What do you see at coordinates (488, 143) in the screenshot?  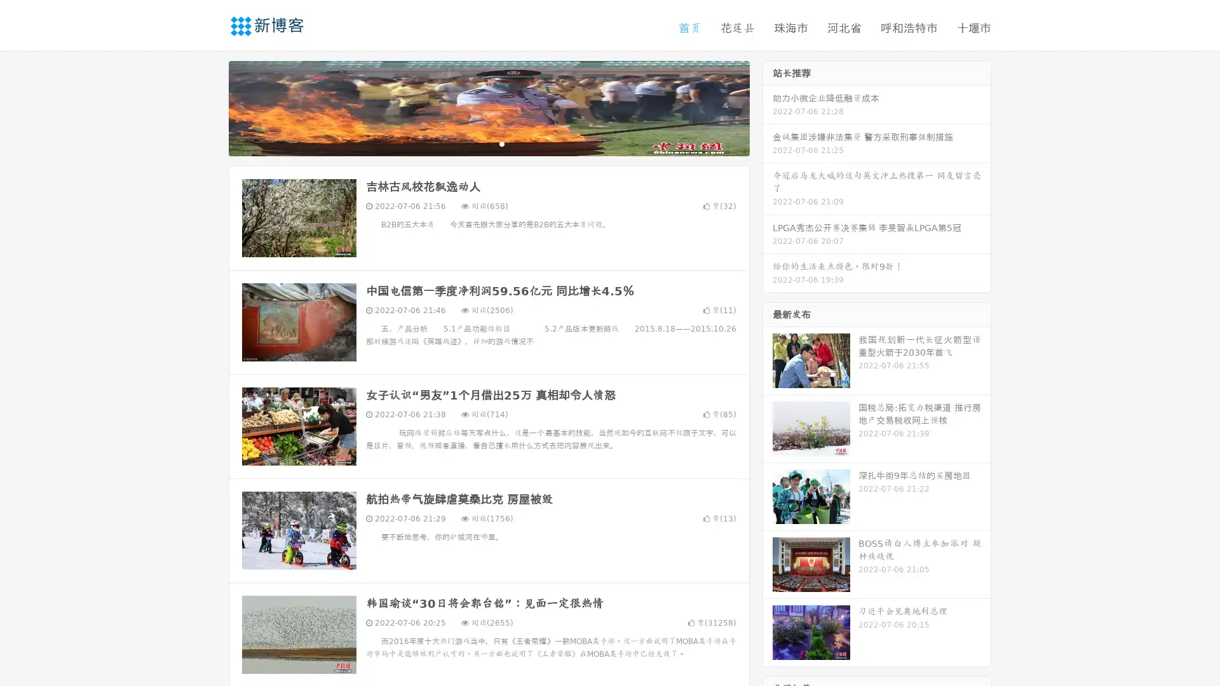 I see `Go to slide 2` at bounding box center [488, 143].